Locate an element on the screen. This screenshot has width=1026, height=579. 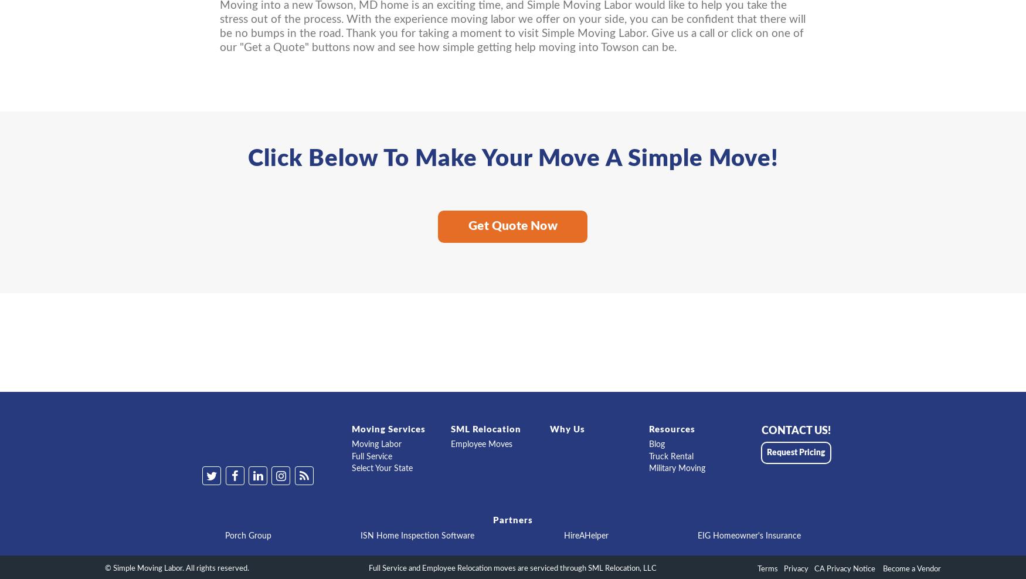
'Privacy' is located at coordinates (795, 569).